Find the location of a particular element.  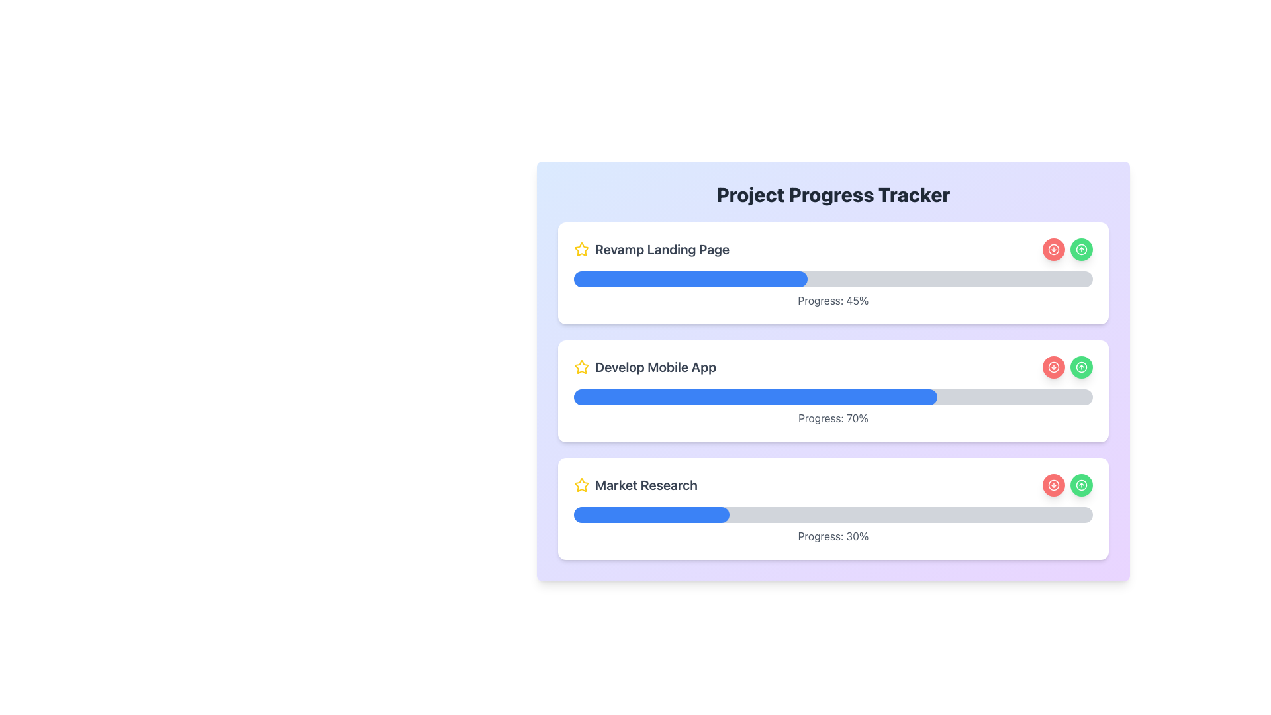

the star icon located directly to the left of the 'Market Research' text is located at coordinates (581, 367).